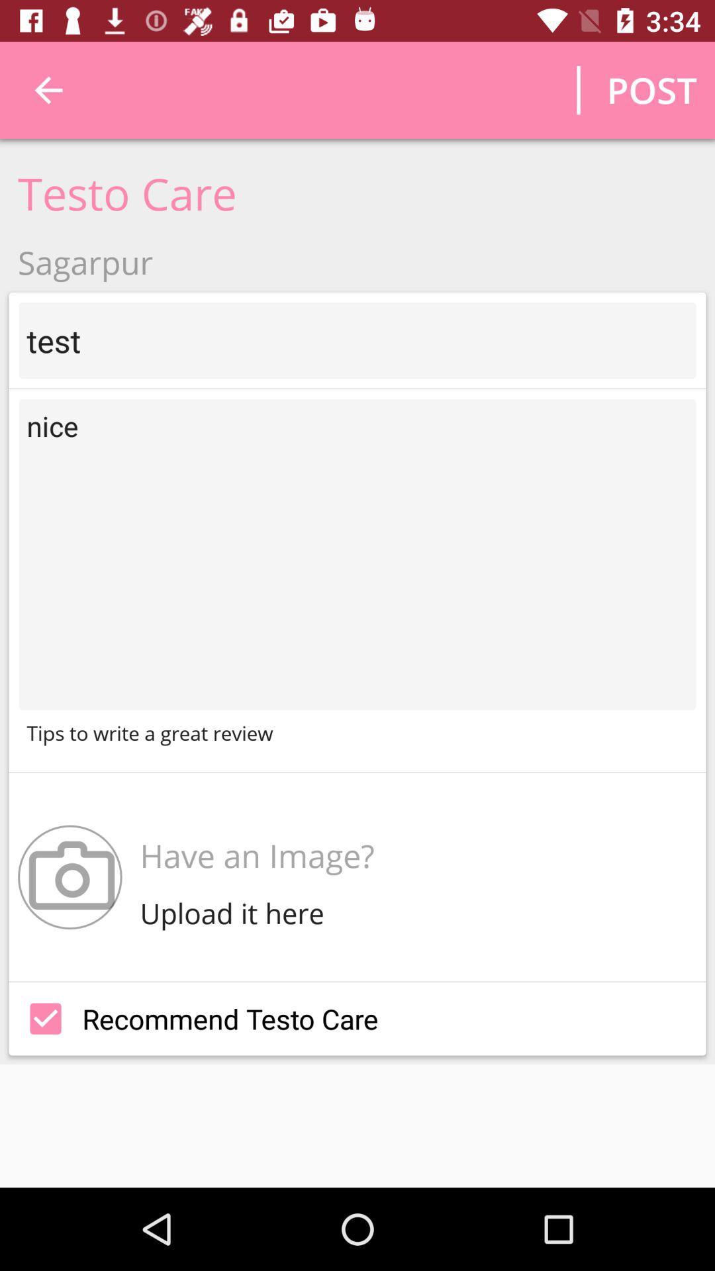 The image size is (715, 1271). What do you see at coordinates (651, 89) in the screenshot?
I see `the post item` at bounding box center [651, 89].